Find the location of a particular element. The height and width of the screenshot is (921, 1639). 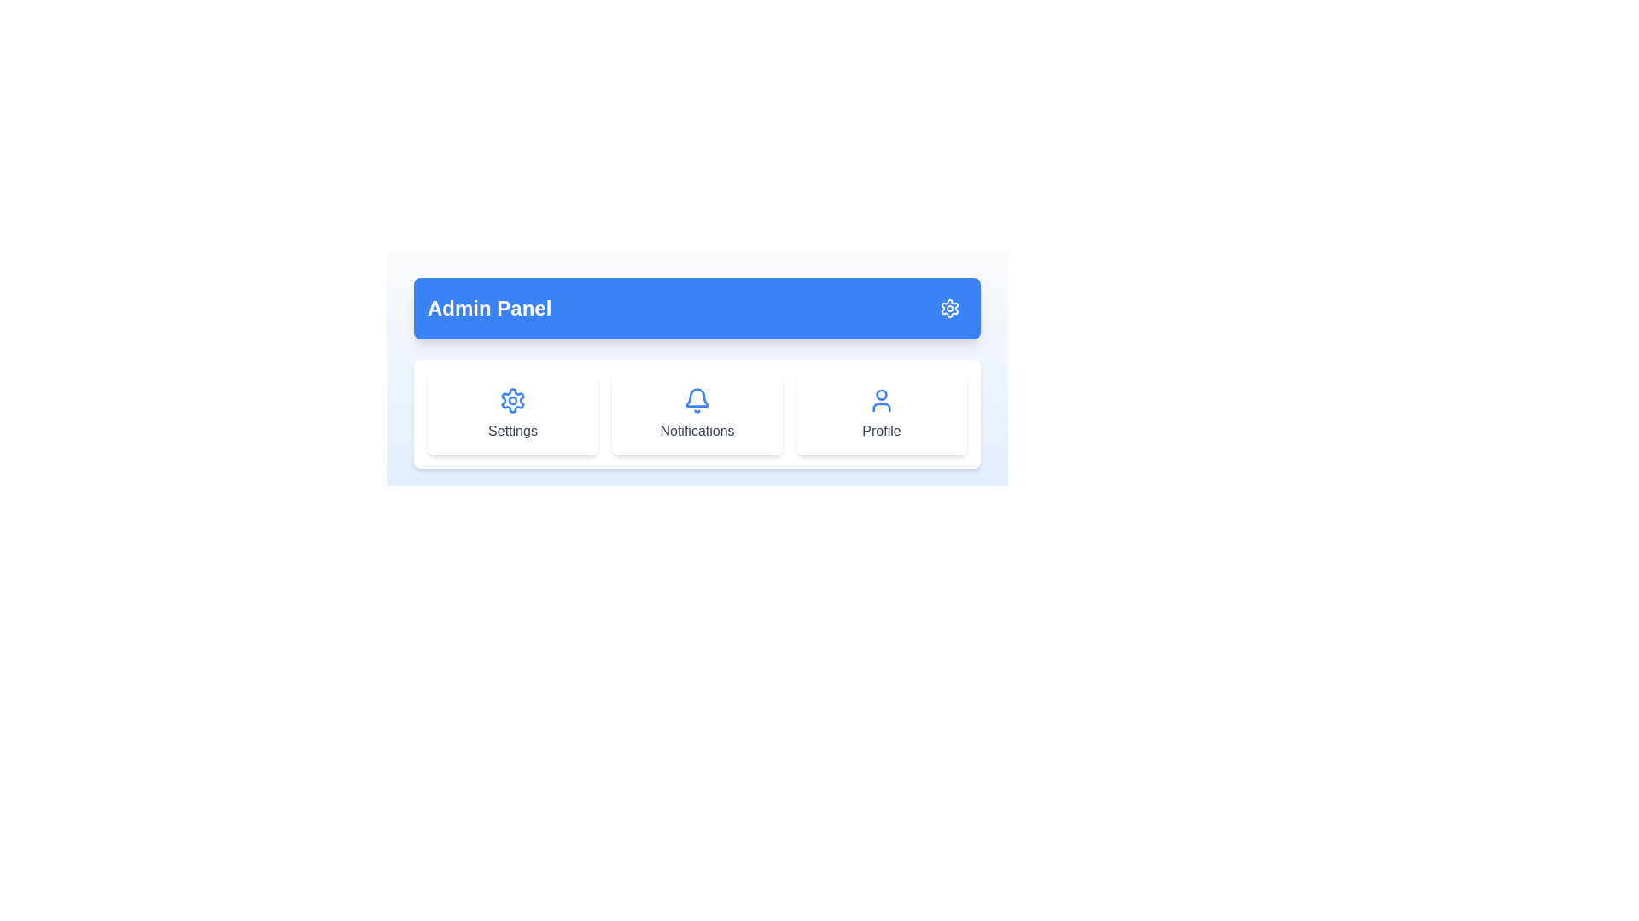

the header to interact with it is located at coordinates (697, 309).